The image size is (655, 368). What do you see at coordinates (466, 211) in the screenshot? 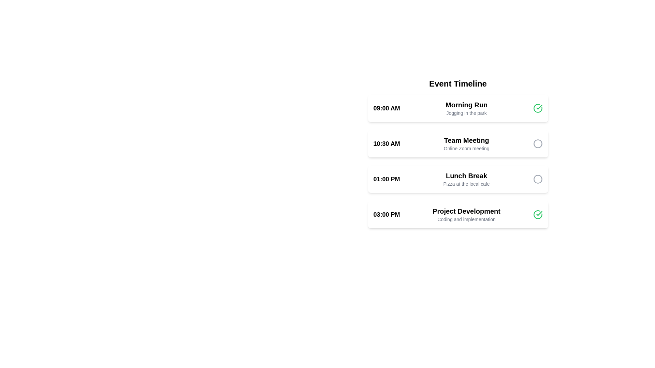
I see `the header text component 'Project Development' located in the fourth item of the vertical timeline at '03:00 PM'` at bounding box center [466, 211].